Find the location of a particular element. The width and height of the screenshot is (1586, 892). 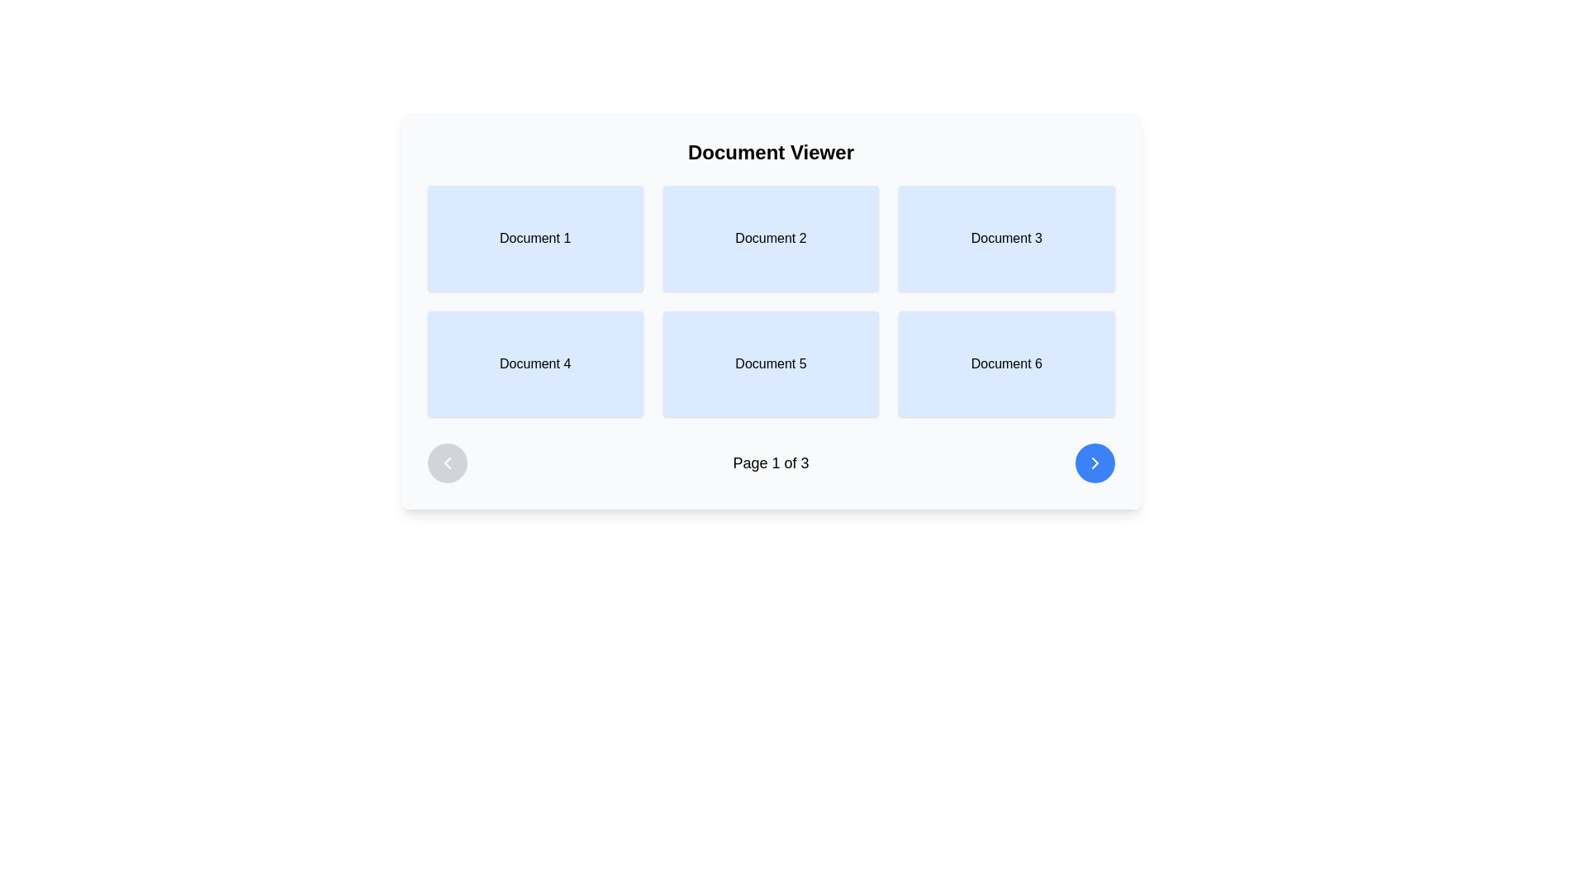

the Text Header element, which serves as the title for the panel indicating the purpose or context of the layout is located at coordinates (770, 153).